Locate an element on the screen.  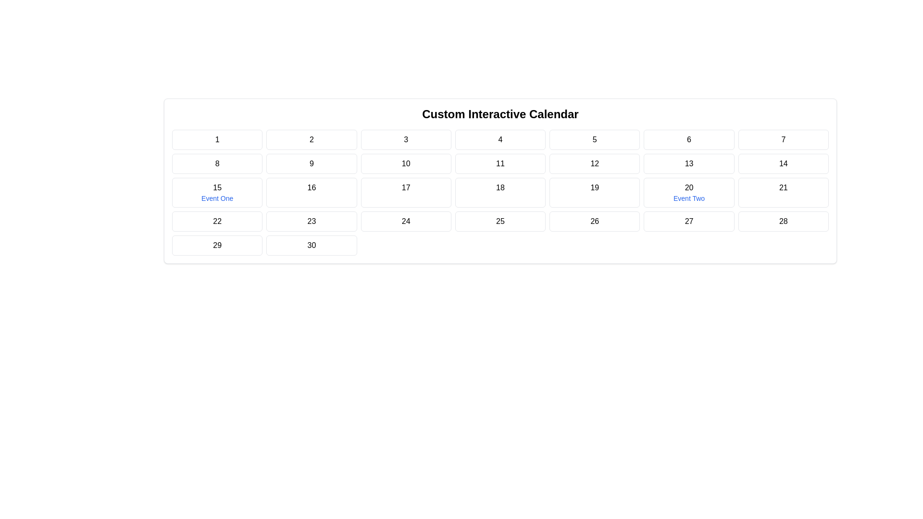
the label displaying the number '4' in bold text, which is located in the first row and fourth column of a calendar grid layout is located at coordinates (500, 139).